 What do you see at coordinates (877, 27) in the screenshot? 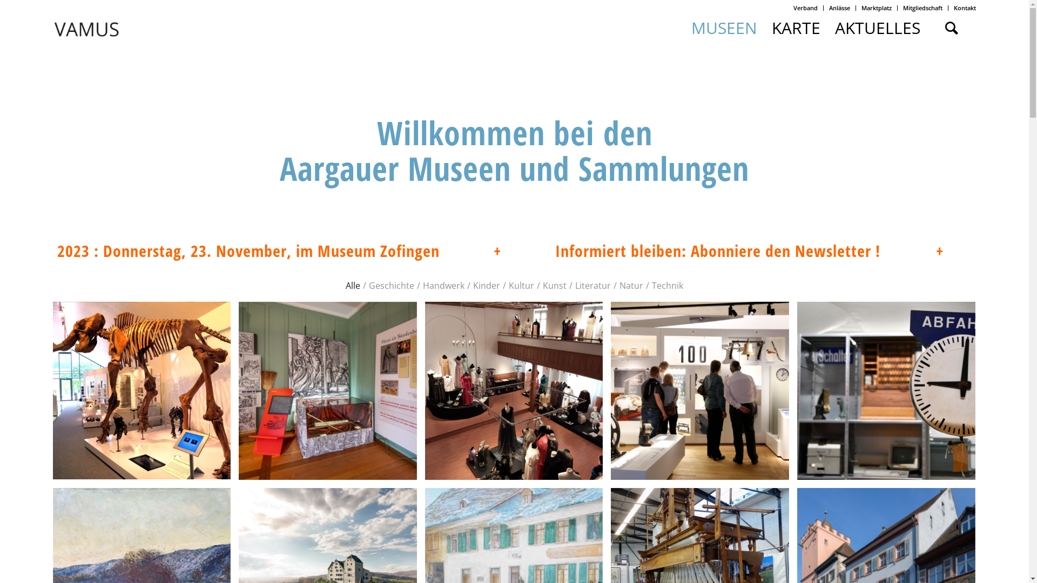
I see `'AKTUELLES'` at bounding box center [877, 27].